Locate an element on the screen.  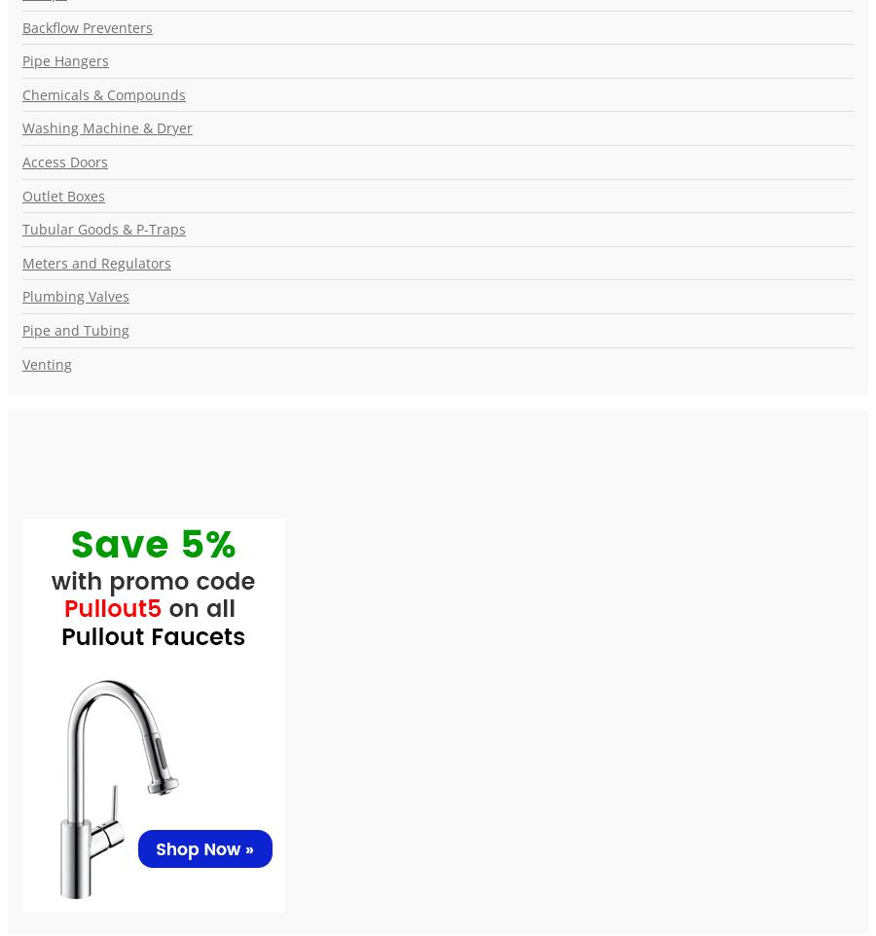
'Backflow Preventers' is located at coordinates (87, 25).